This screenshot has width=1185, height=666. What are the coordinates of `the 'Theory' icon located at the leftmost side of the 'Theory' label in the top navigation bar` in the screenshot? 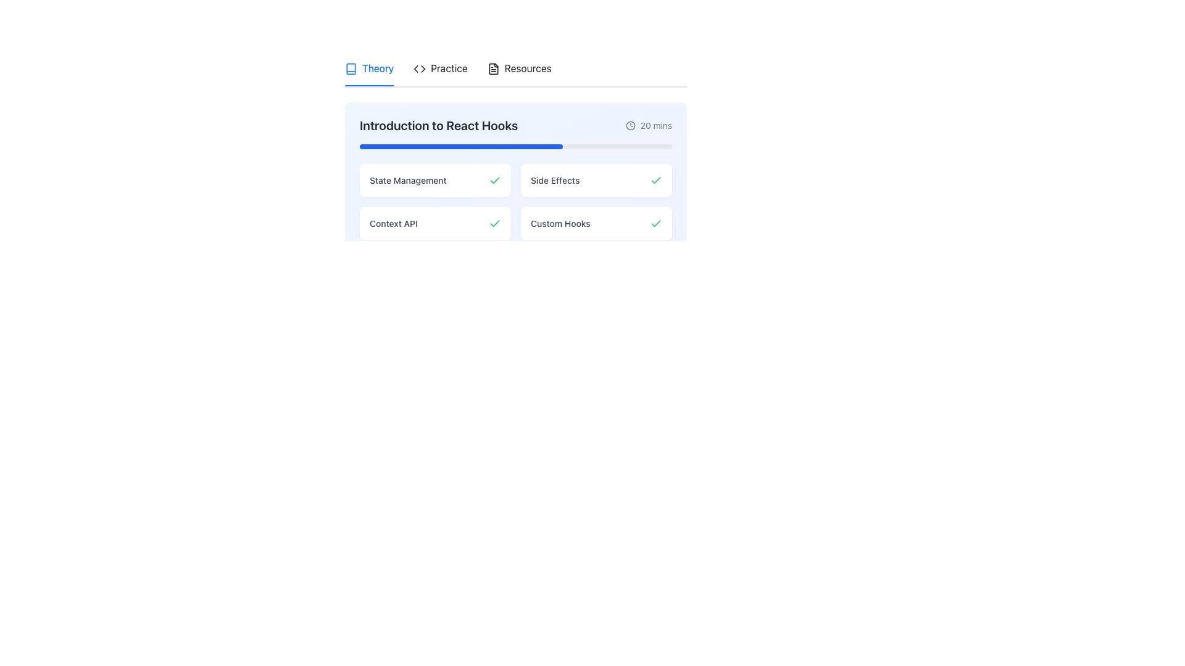 It's located at (351, 68).